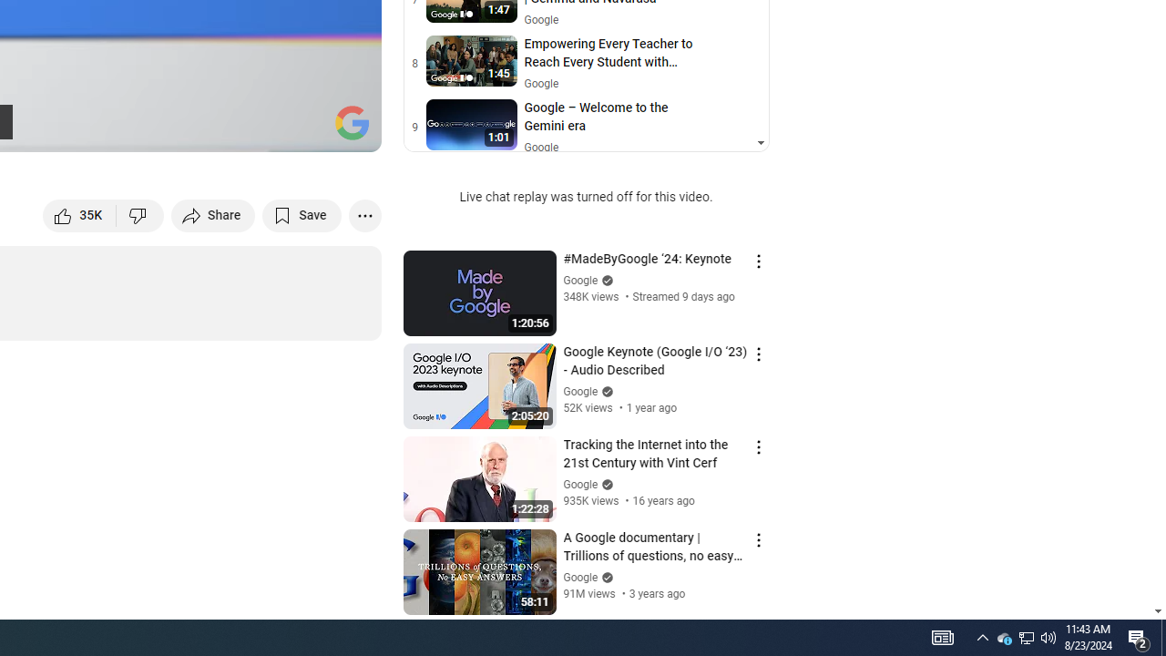  Describe the element at coordinates (79, 214) in the screenshot. I see `'like this video along with 35,367 other people'` at that location.